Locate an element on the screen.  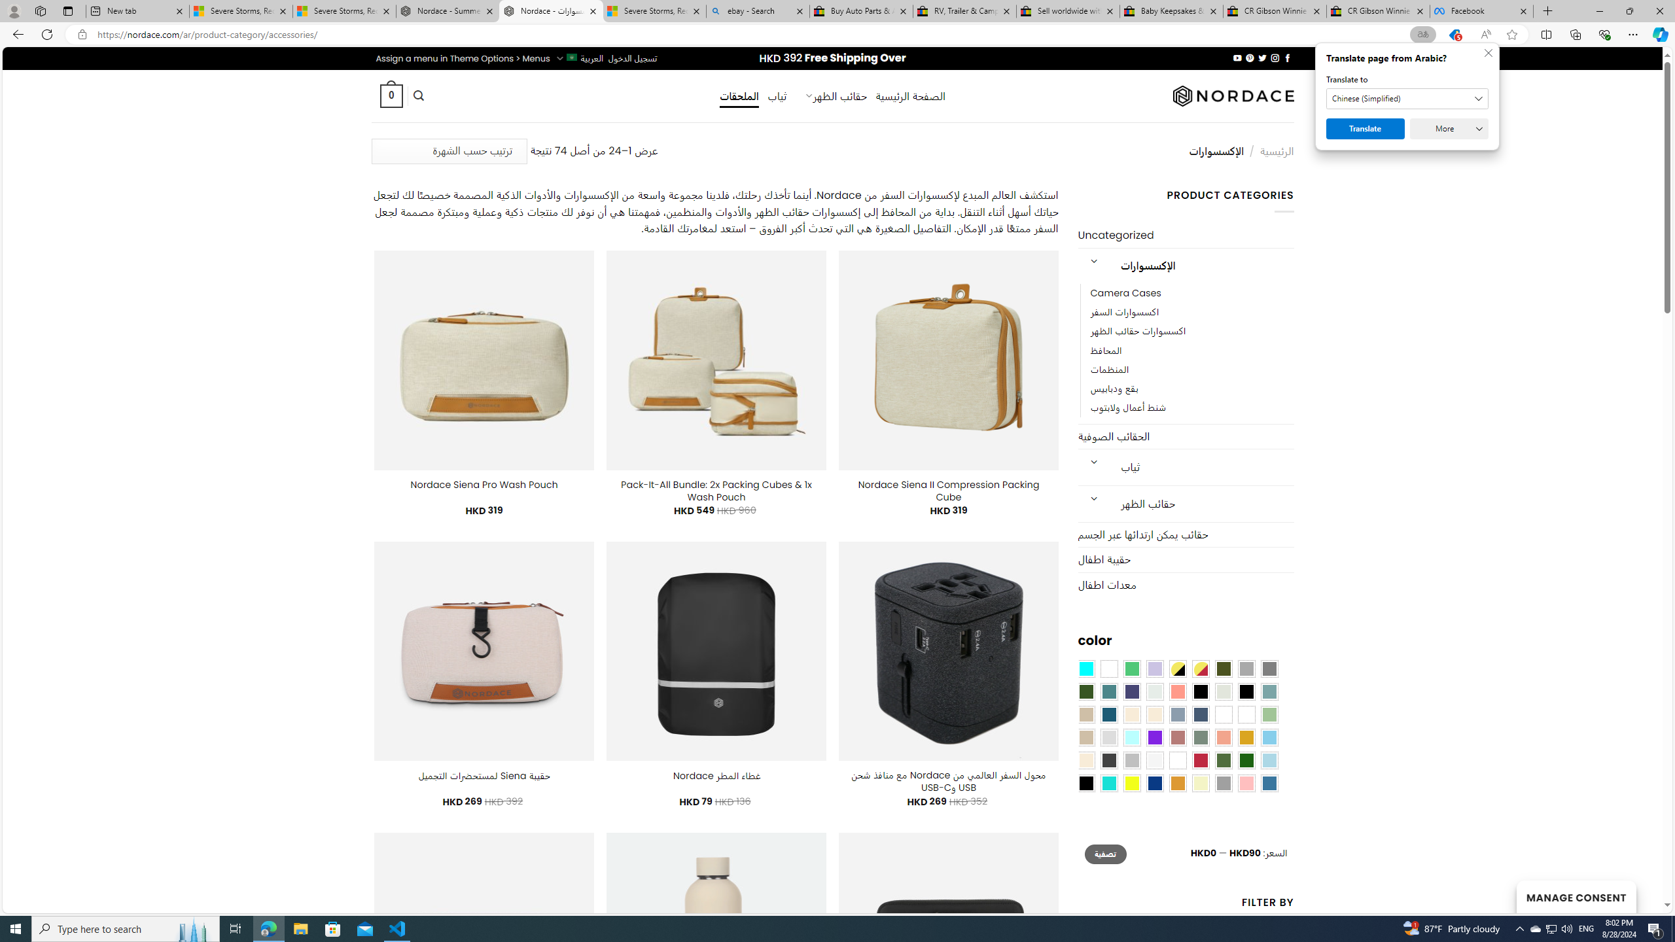
'Show translate options' is located at coordinates (1422, 35).